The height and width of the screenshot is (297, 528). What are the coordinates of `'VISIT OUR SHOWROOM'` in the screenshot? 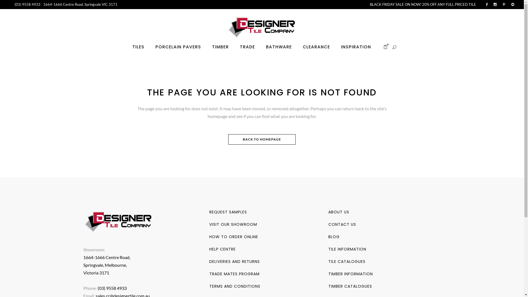 It's located at (209, 224).